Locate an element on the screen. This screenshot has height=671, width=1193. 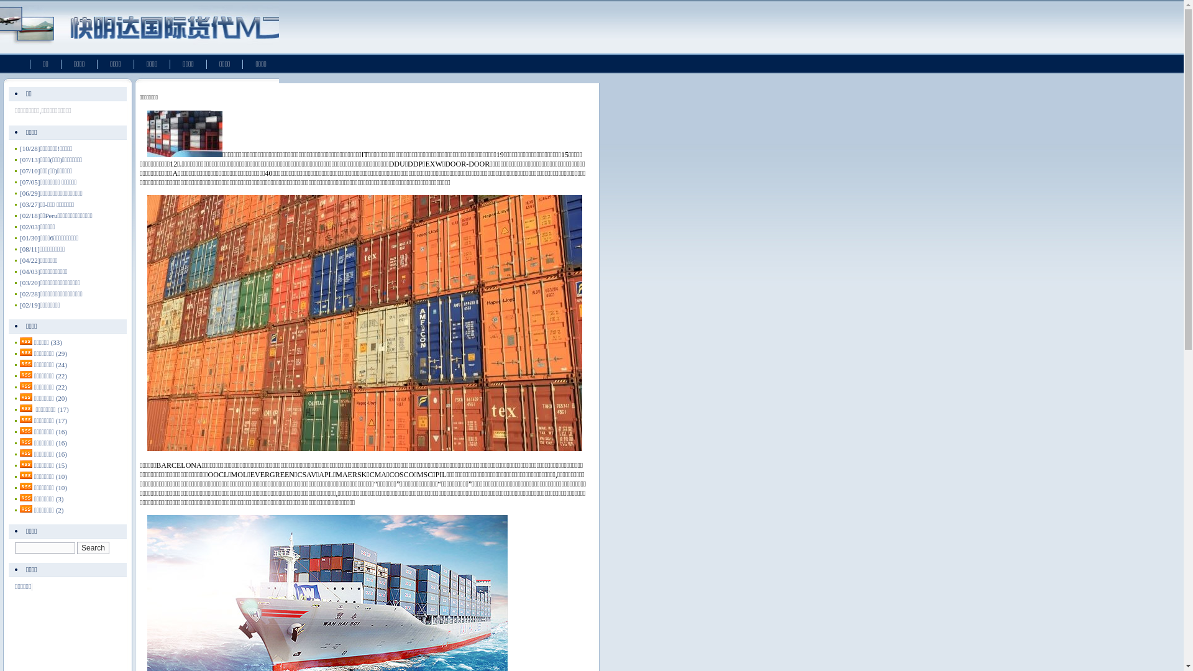
'rss' is located at coordinates (26, 385).